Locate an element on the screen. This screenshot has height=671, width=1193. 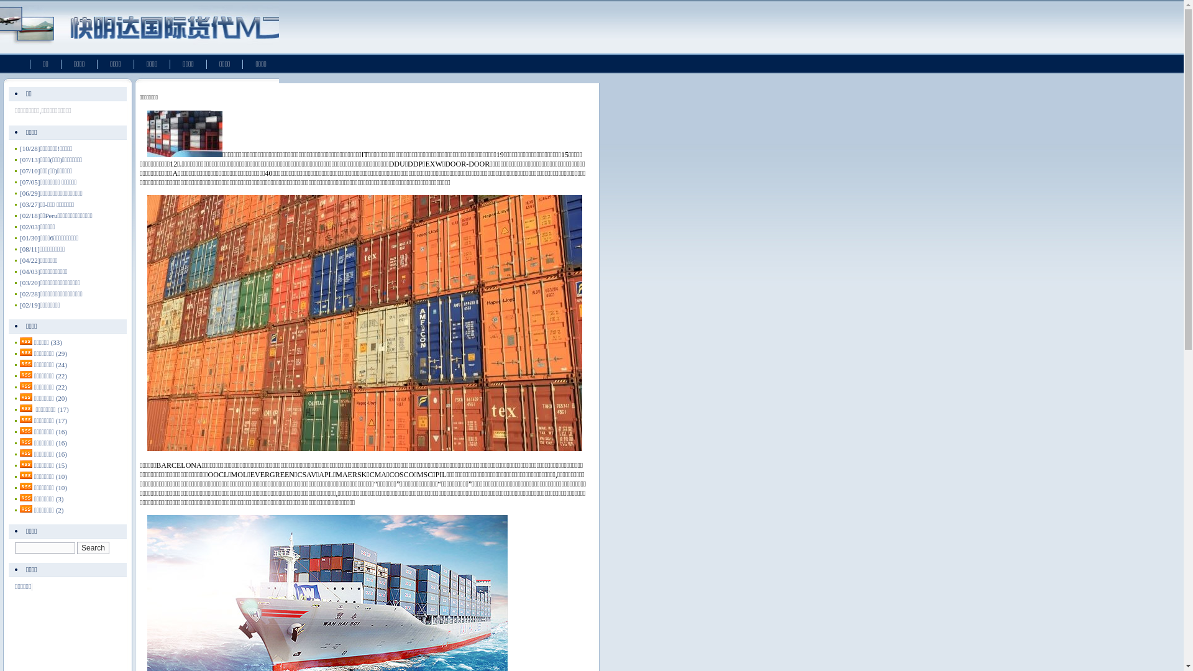
'rss' is located at coordinates (26, 385).